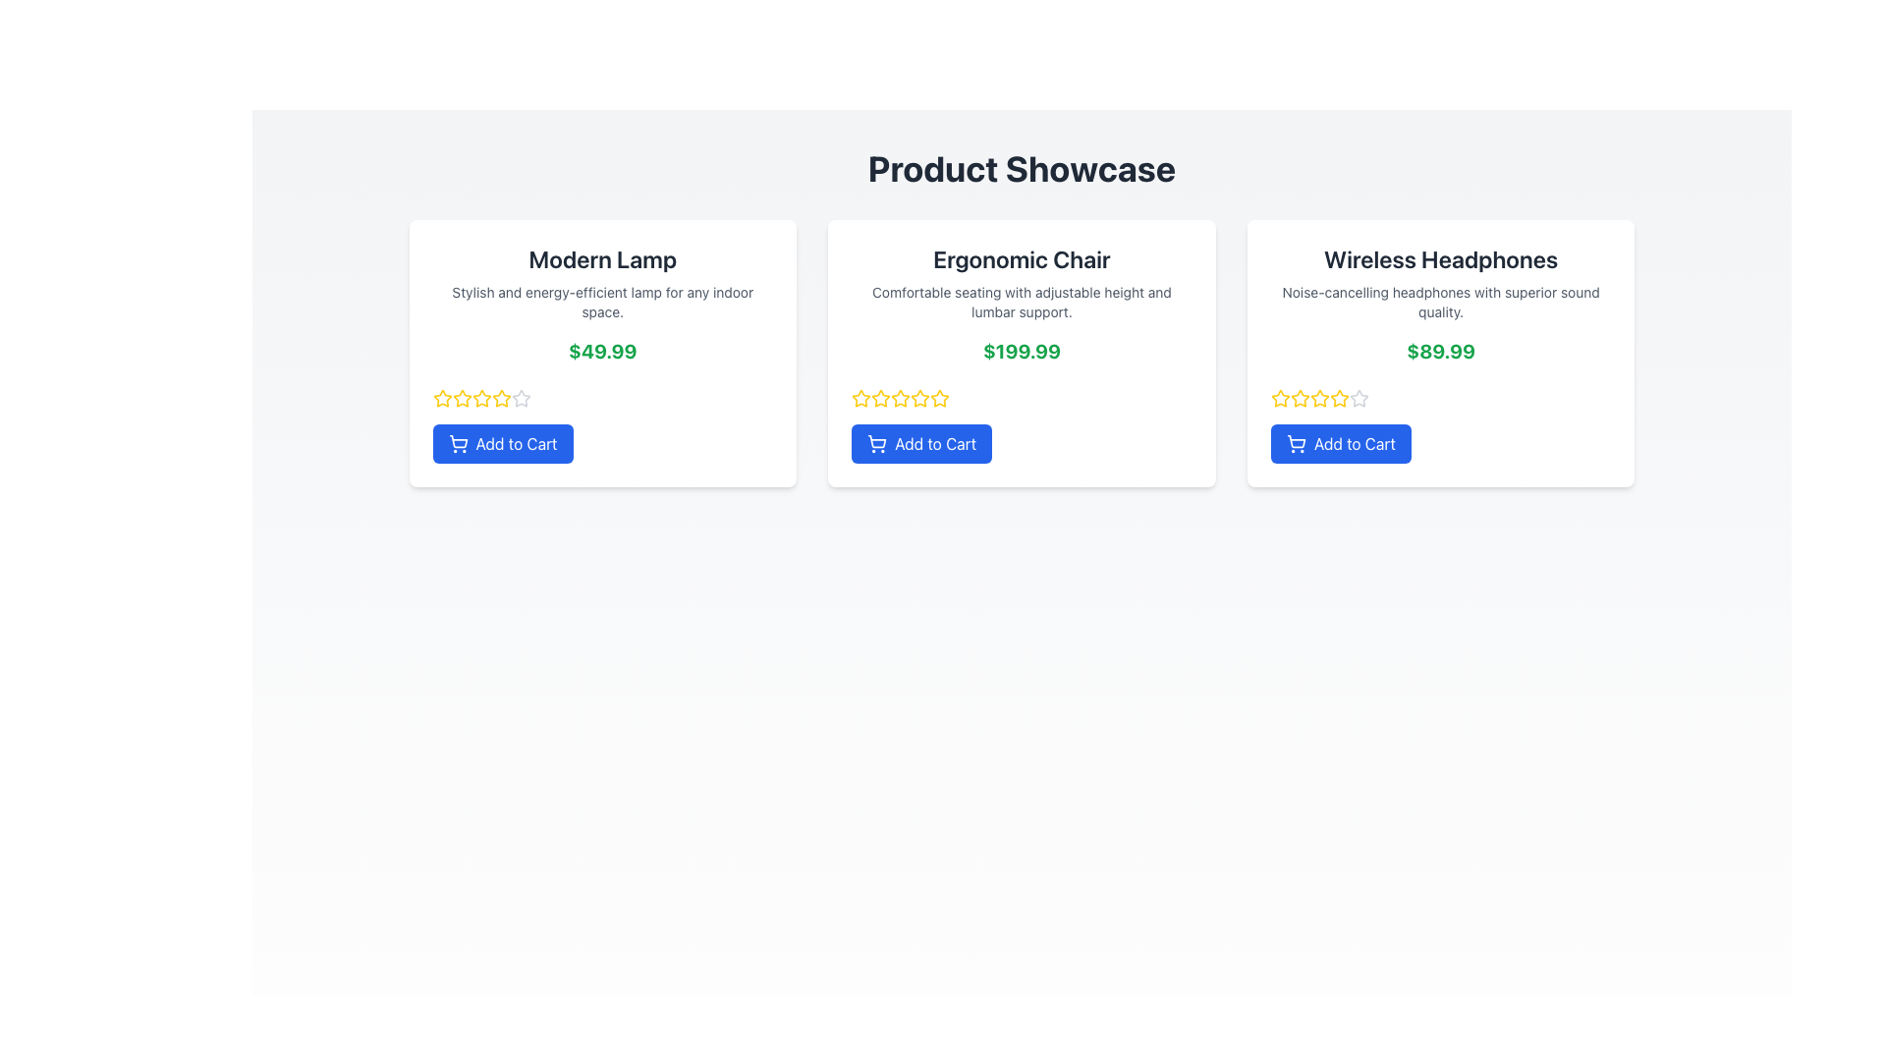  Describe the element at coordinates (861, 398) in the screenshot. I see `the first star icon in the rating row for the 'Modern Lamp', which is a yellow star with a hollow center` at that location.